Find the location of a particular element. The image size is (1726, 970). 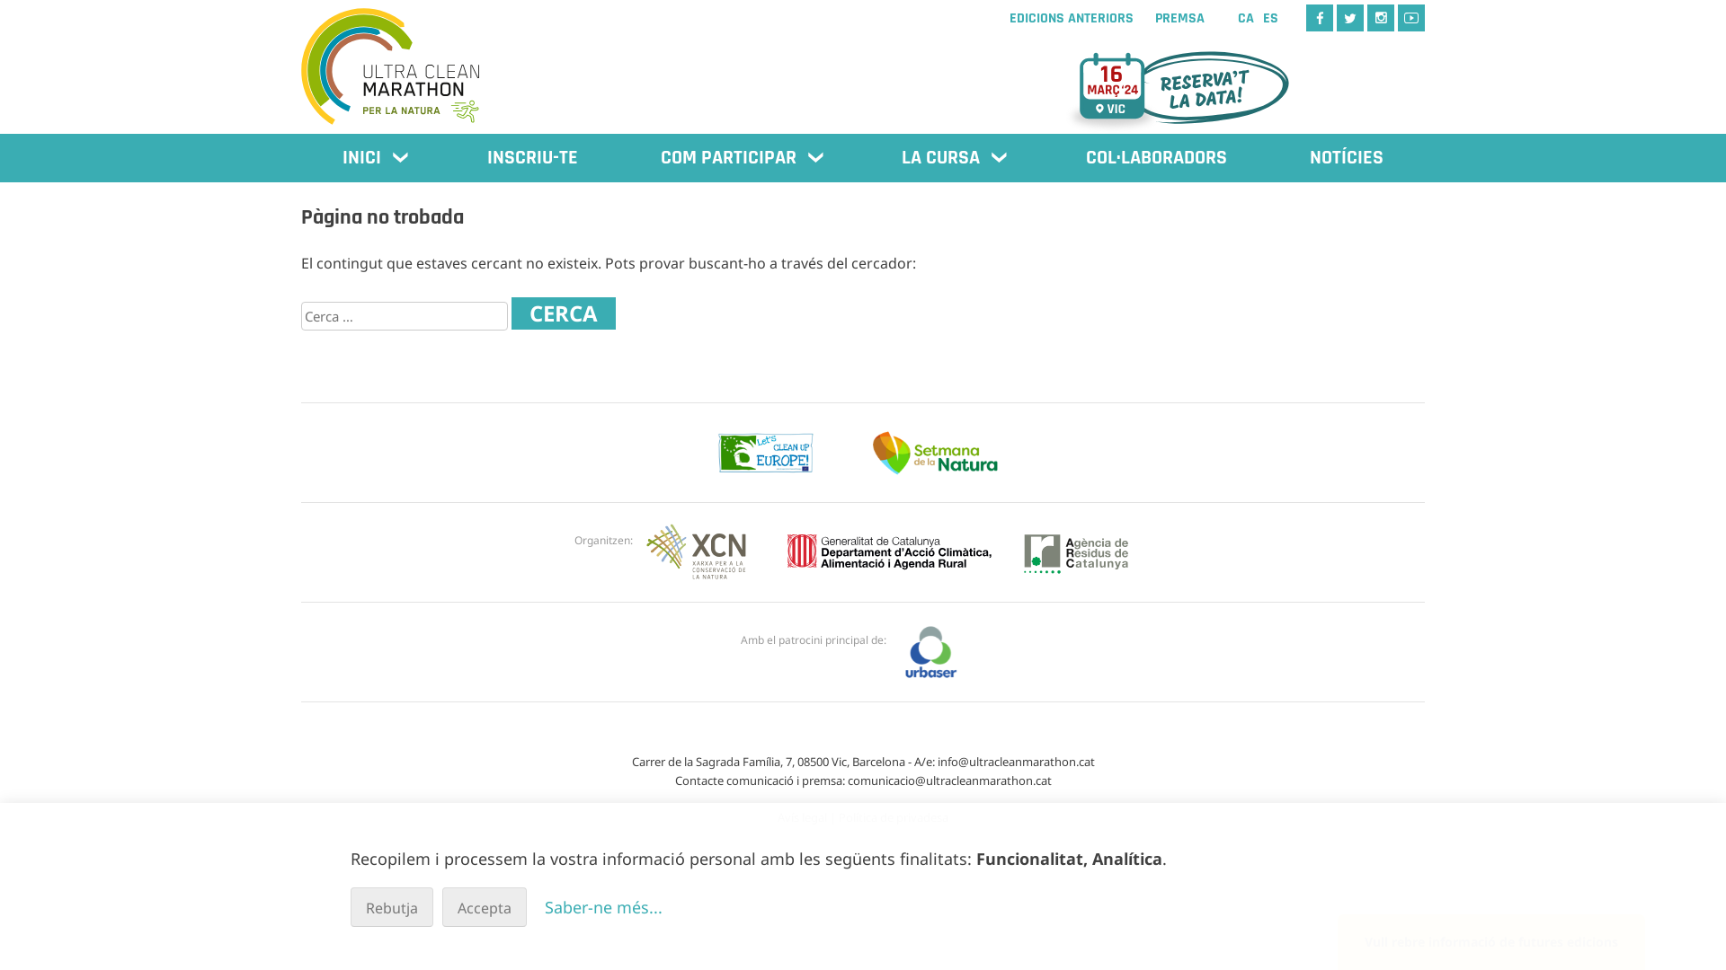

'comunicacio@ultracleanmarathon.cat' is located at coordinates (948, 779).